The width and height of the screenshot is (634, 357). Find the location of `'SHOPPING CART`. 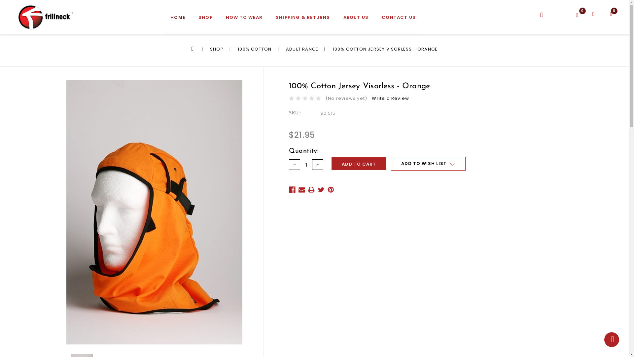

'SHOPPING CART is located at coordinates (608, 16).